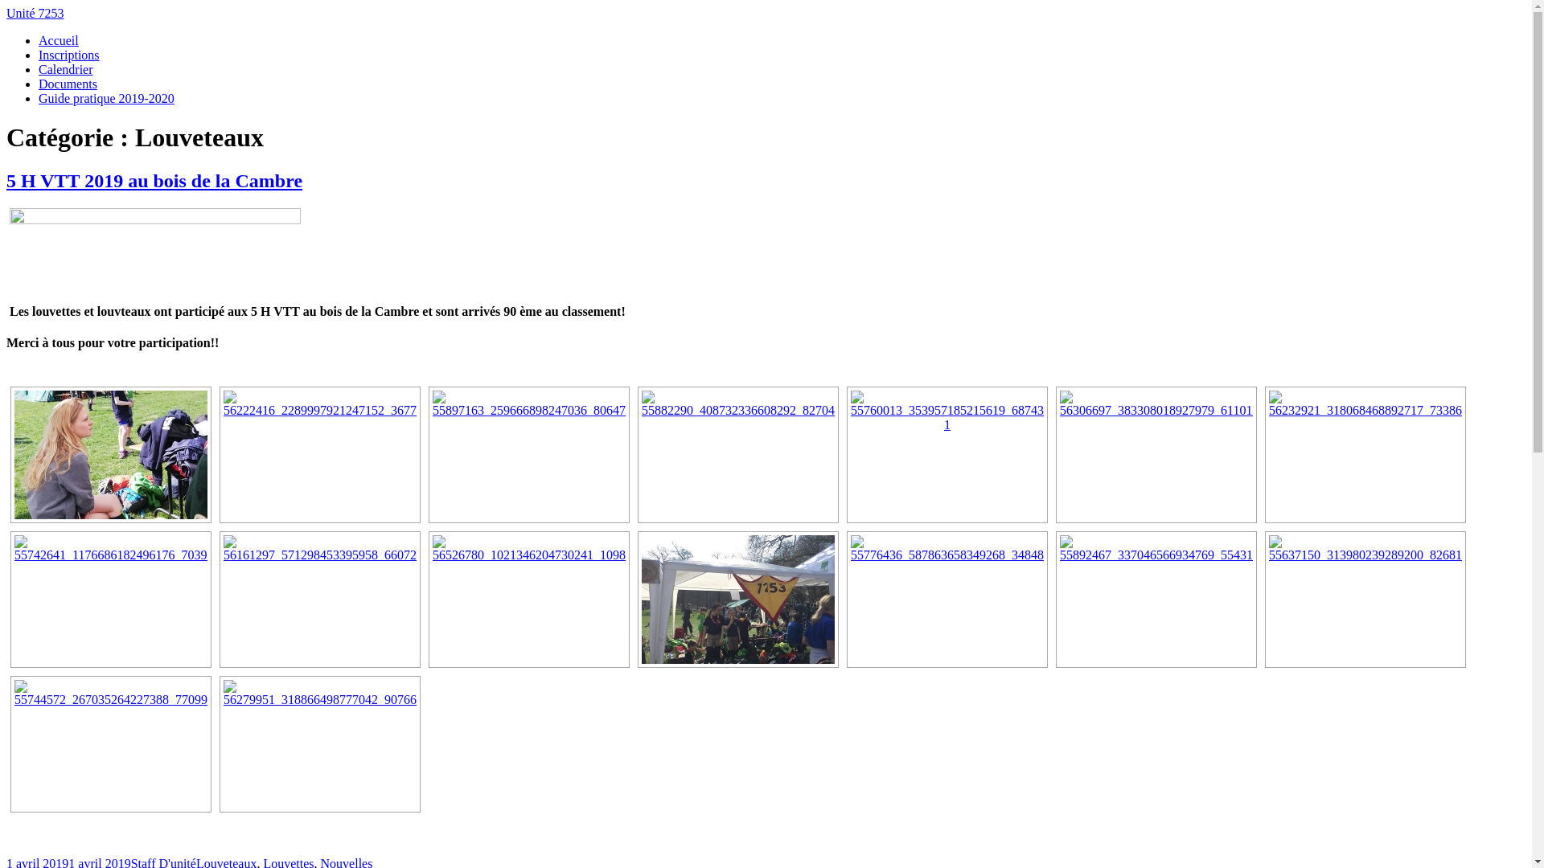 This screenshot has height=868, width=1544. I want to click on 'Inscriptions', so click(68, 54).